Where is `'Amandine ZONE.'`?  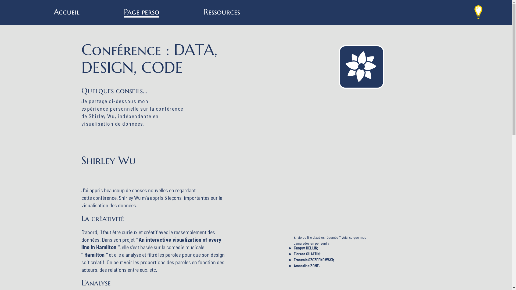
'Amandine ZONE.' is located at coordinates (293, 265).